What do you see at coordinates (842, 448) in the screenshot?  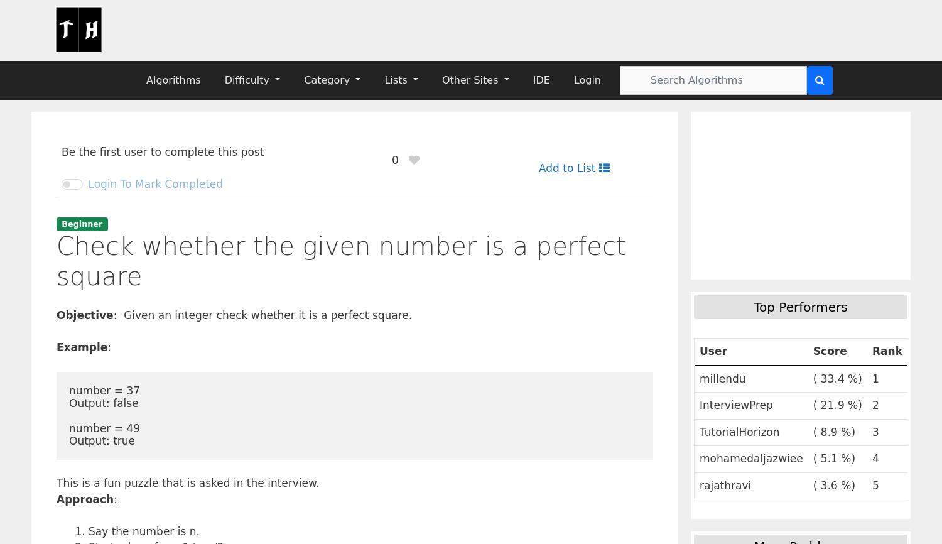 I see `'expressions'` at bounding box center [842, 448].